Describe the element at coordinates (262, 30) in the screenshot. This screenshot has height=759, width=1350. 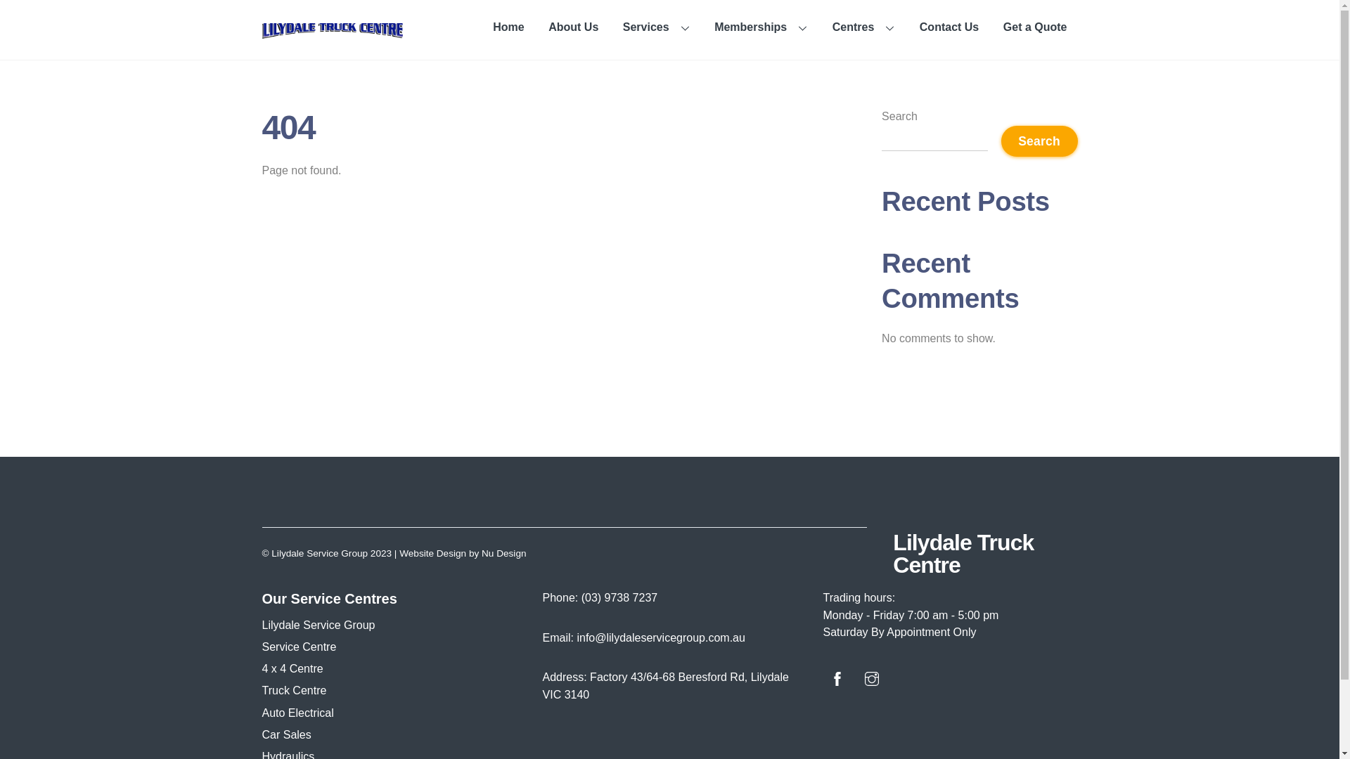
I see `'Lilydale-Truck-Centre-logo'` at that location.